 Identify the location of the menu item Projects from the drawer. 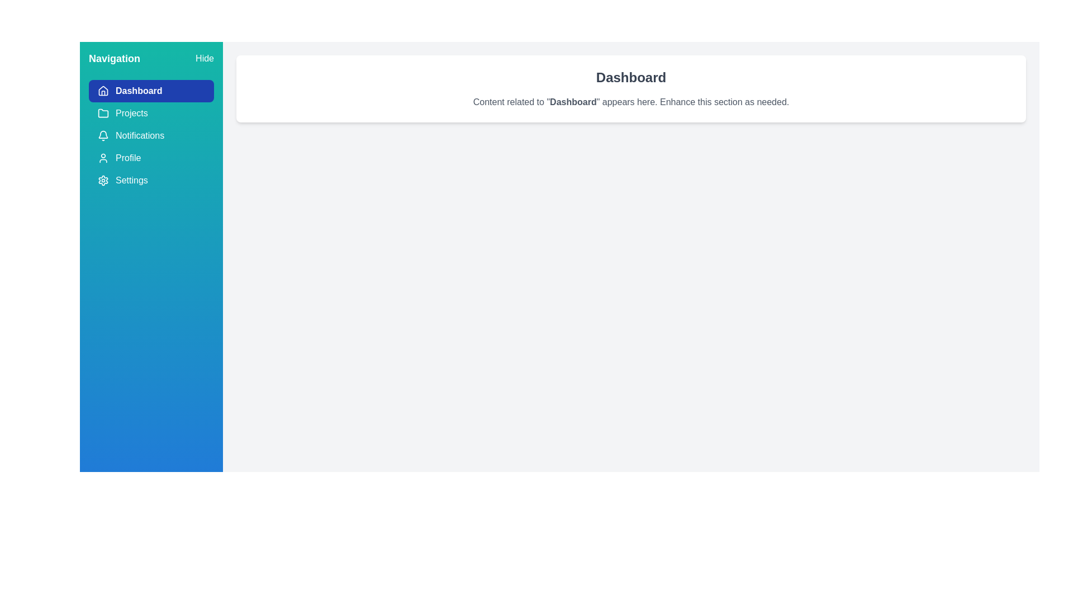
(150, 114).